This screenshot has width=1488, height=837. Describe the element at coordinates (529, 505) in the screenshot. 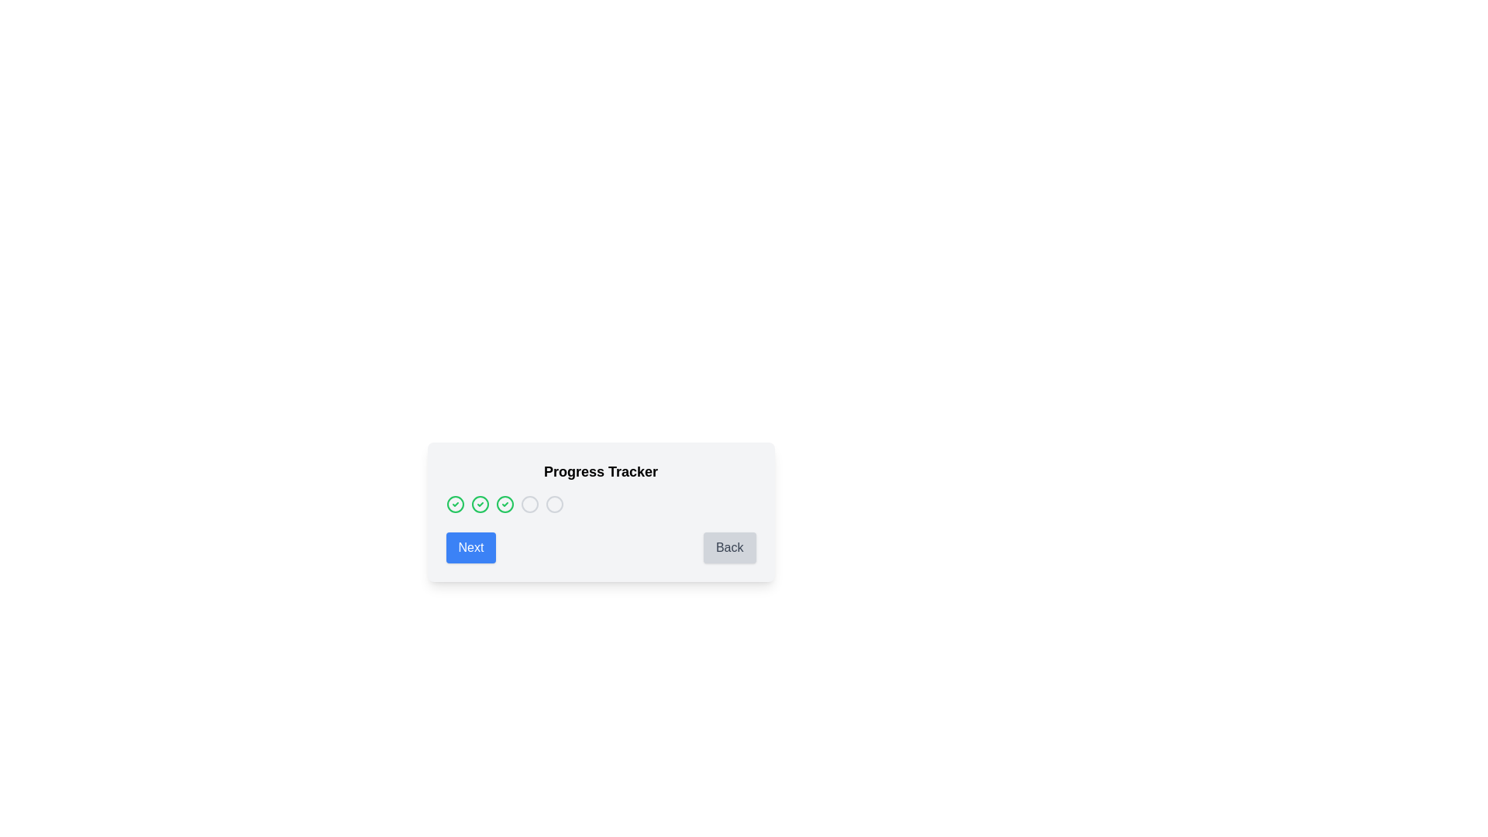

I see `the fourth circular glyph in the progress tracker, which indicates an uncompleted step in the sequence` at that location.